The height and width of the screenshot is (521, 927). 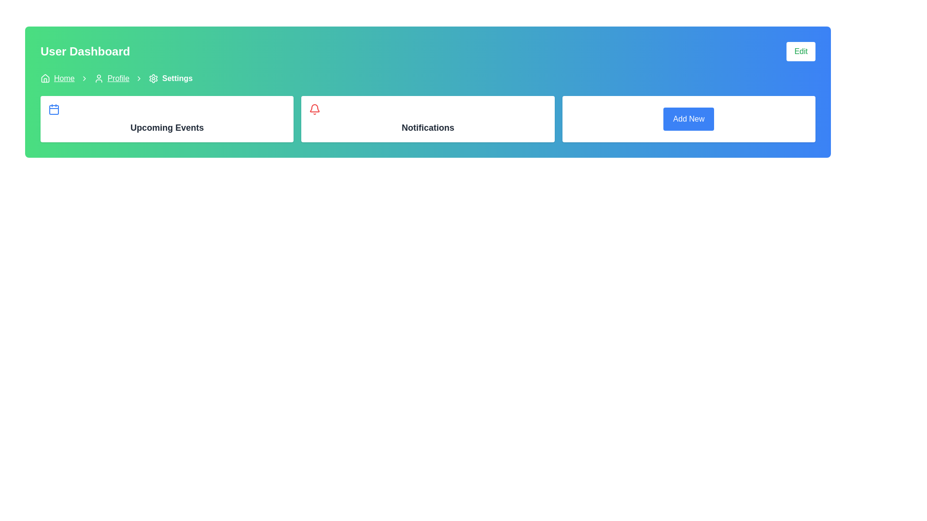 I want to click on the 'Settings' icon located in the breadcrumb navigation bar at the top left of the User Dashboard, so click(x=153, y=78).